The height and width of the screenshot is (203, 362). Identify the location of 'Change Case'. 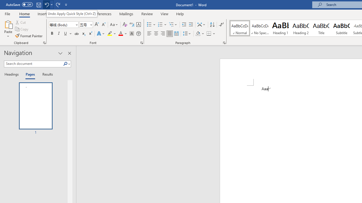
(114, 24).